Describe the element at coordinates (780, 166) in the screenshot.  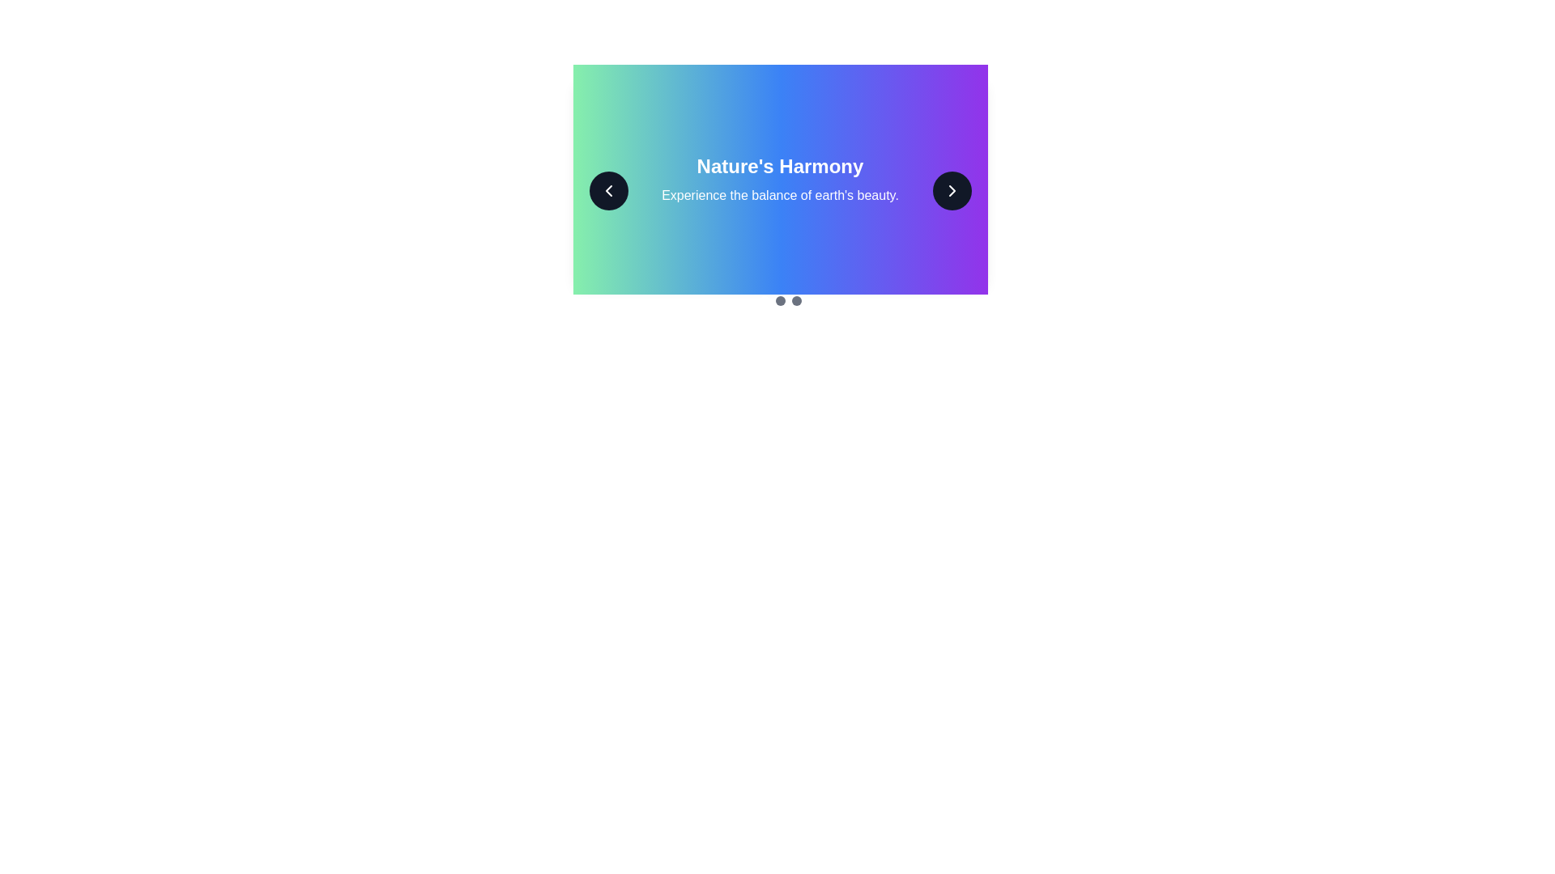
I see `the bold text element reading 'Nature's Harmony' which is prominently styled in white on a colorful gradient background` at that location.